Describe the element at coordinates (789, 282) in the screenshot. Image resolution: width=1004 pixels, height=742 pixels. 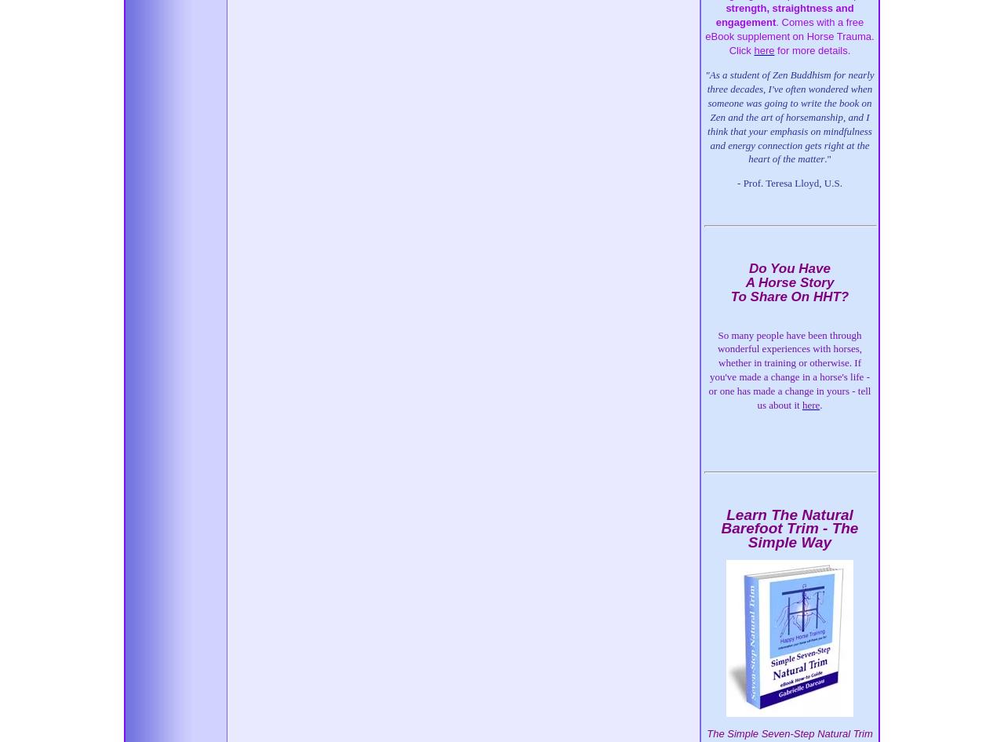
I see `'A Horse Story'` at that location.